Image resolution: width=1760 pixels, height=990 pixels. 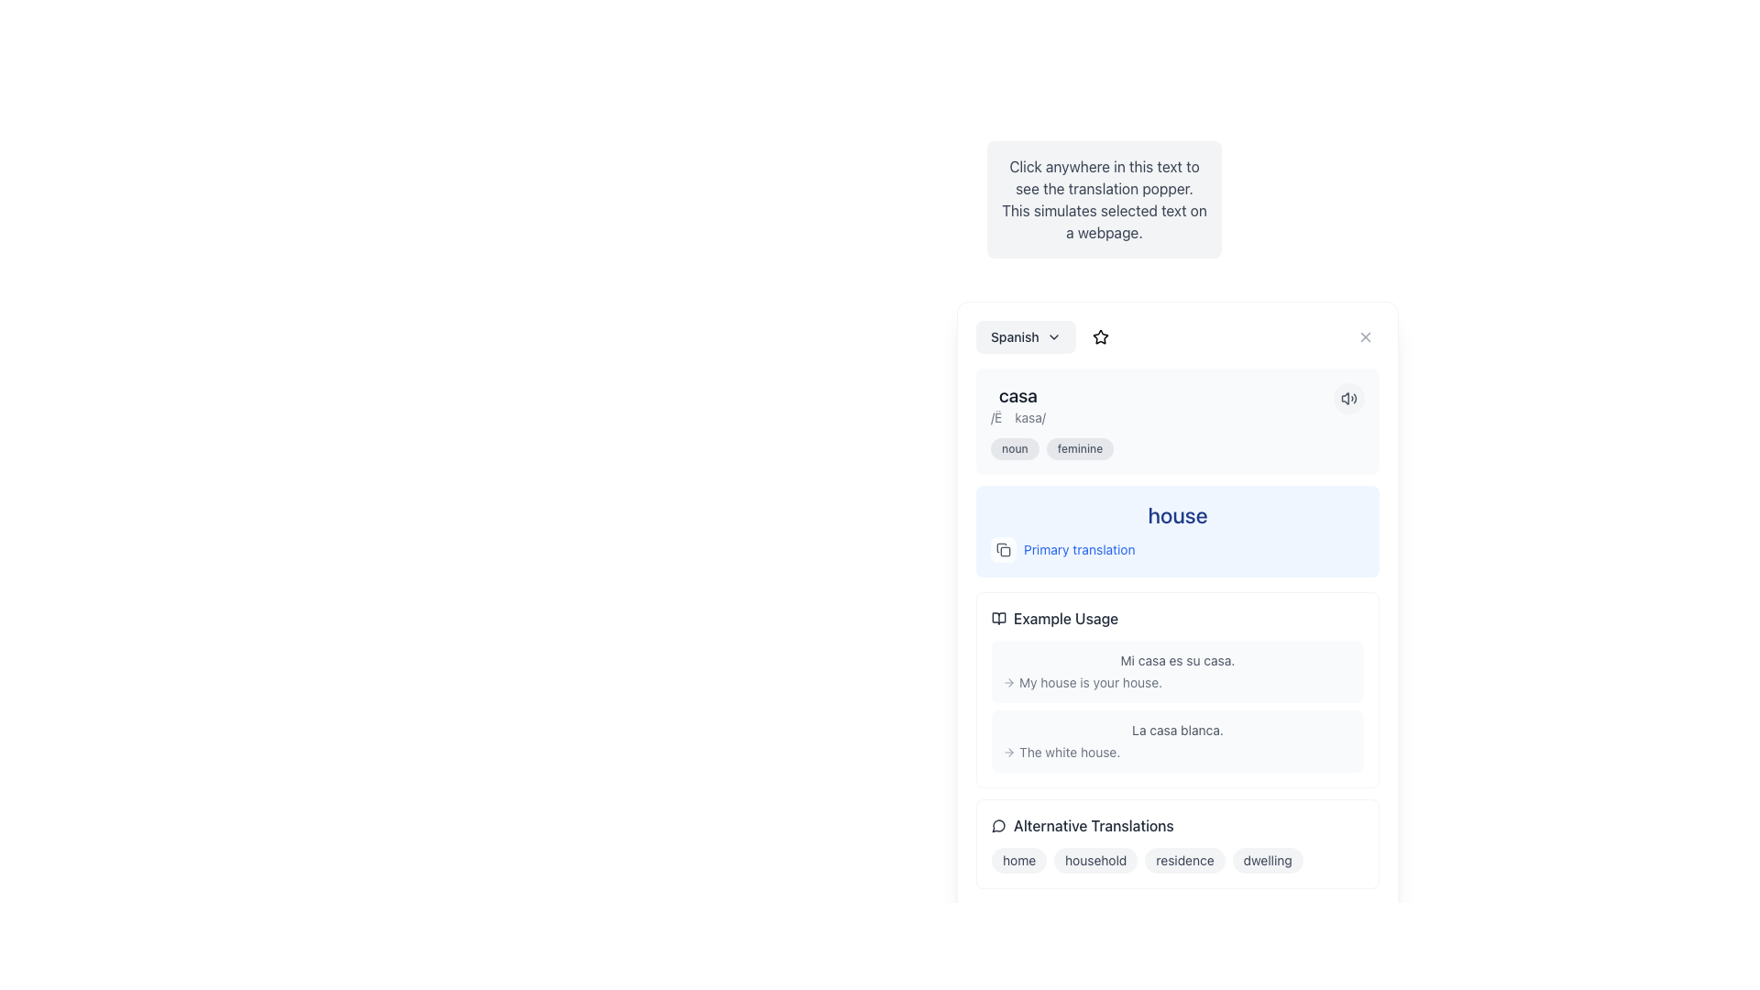 What do you see at coordinates (1053, 336) in the screenshot?
I see `the downward-pointing chevron icon next to the 'Spanish' button` at bounding box center [1053, 336].